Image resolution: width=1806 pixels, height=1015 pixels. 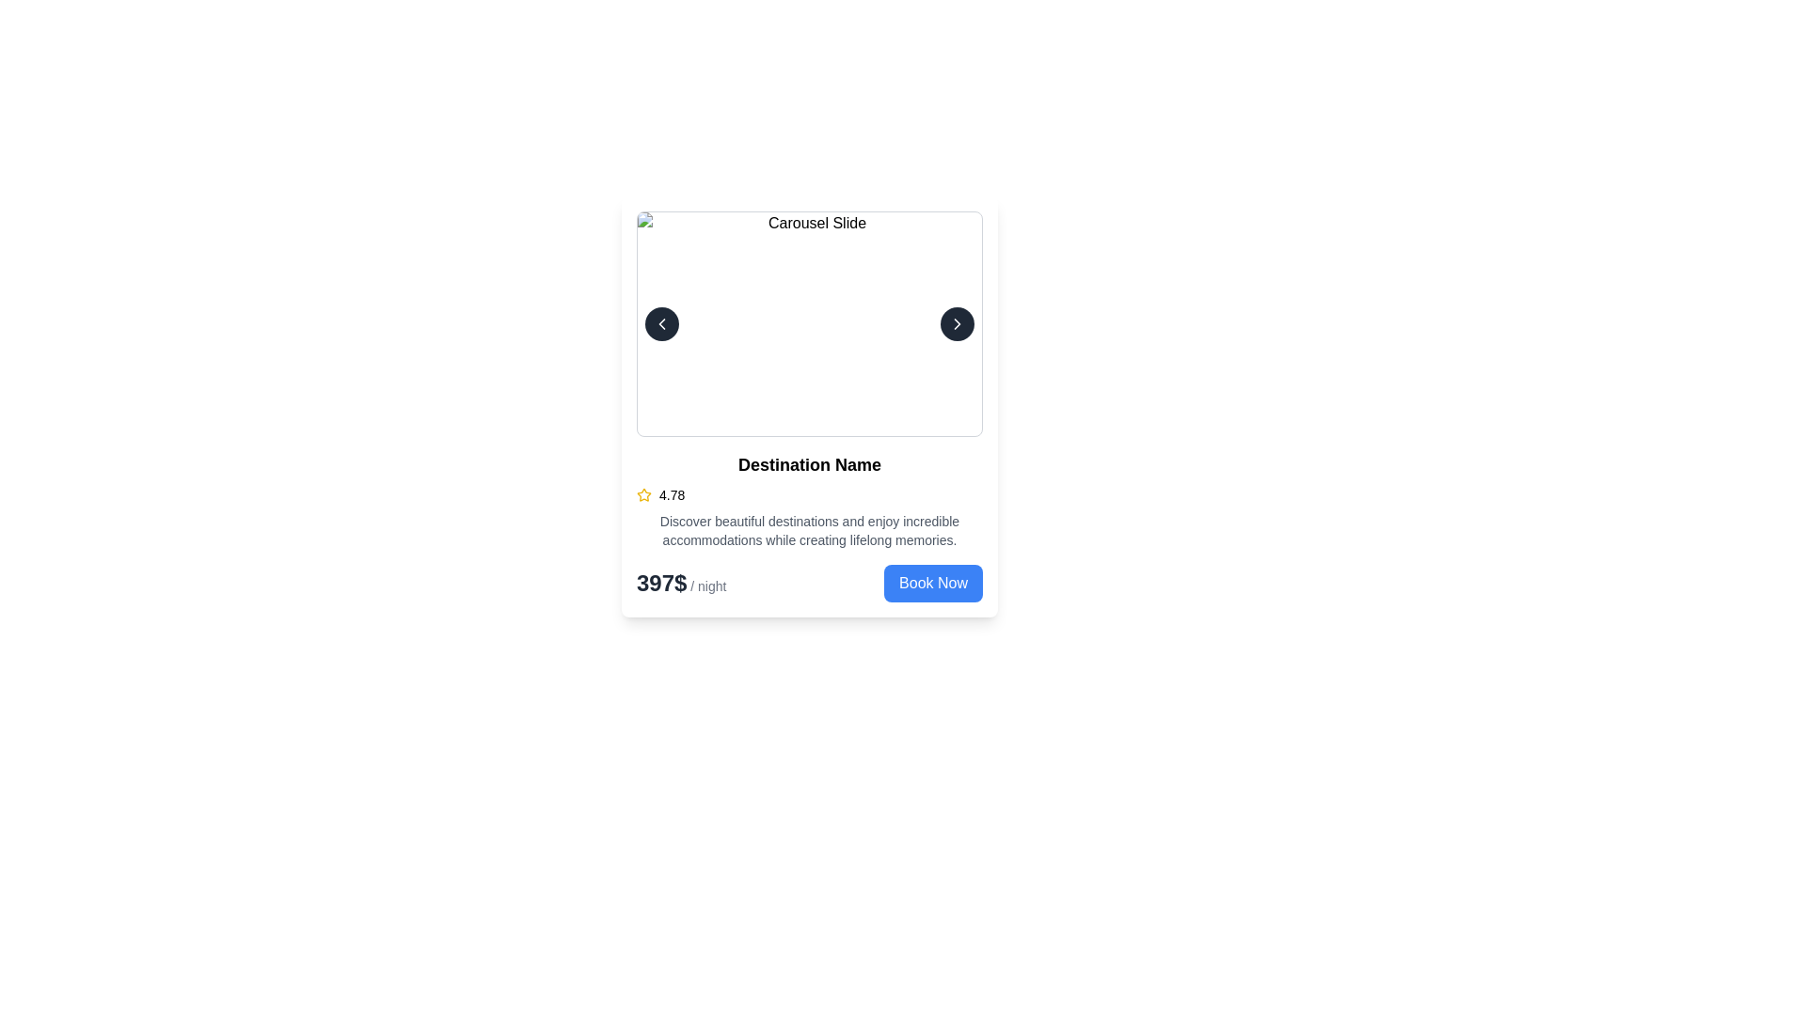 What do you see at coordinates (662, 322) in the screenshot?
I see `the left-facing chevron icon within the circular button of the carousel's navigation control` at bounding box center [662, 322].